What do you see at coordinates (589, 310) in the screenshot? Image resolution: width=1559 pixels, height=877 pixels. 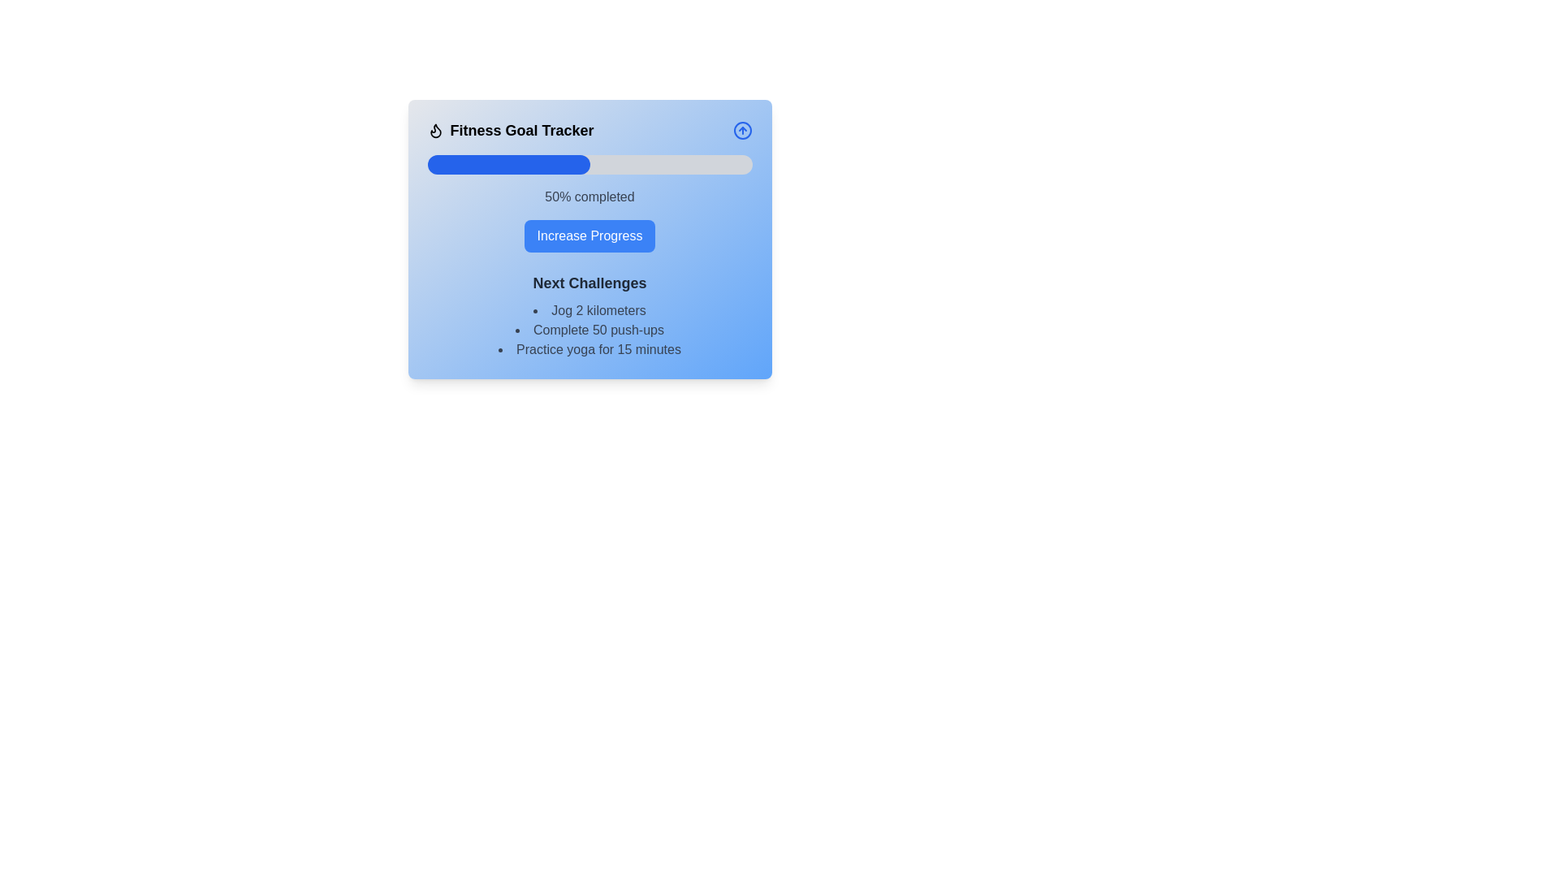 I see `text label displaying 'Jog 2 kilometers', which is the first item in the 'Next Challenges' section of the fitness tracker interface` at bounding box center [589, 310].